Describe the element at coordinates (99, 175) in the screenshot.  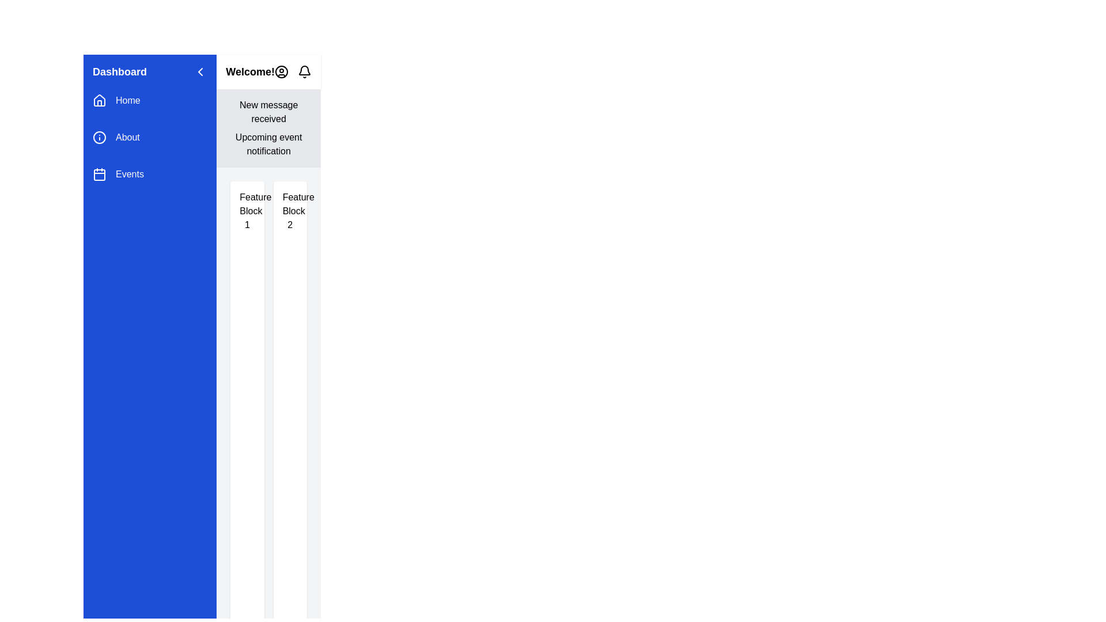
I see `the calendar icon in the vertical navigation menu` at that location.